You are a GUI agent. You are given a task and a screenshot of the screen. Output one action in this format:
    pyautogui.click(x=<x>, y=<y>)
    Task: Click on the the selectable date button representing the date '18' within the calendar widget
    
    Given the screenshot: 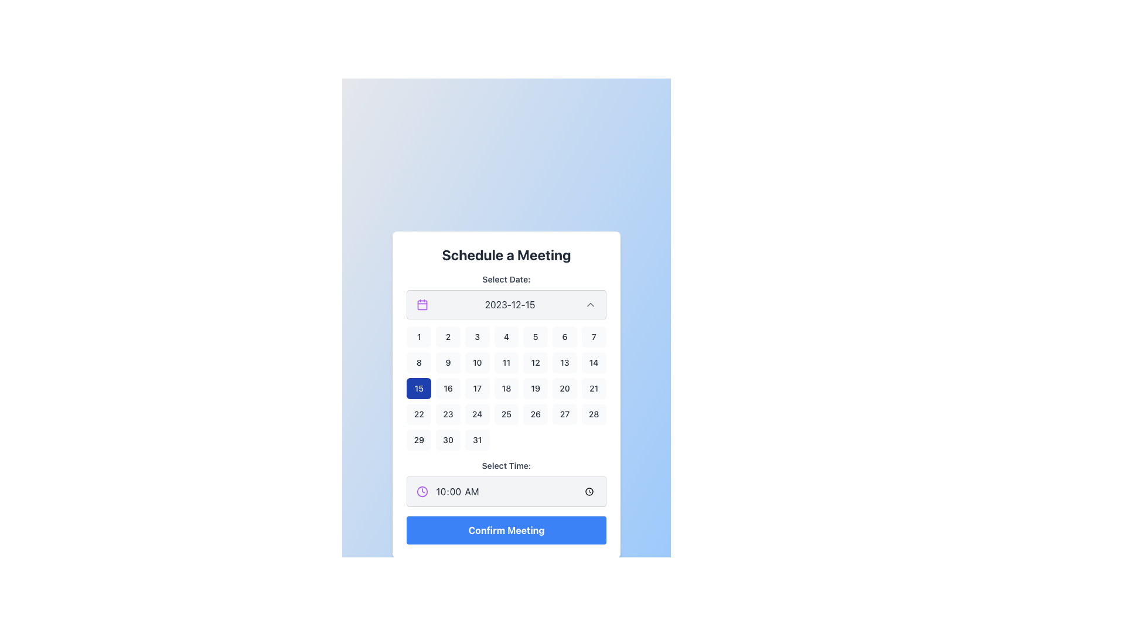 What is the action you would take?
    pyautogui.click(x=506, y=389)
    